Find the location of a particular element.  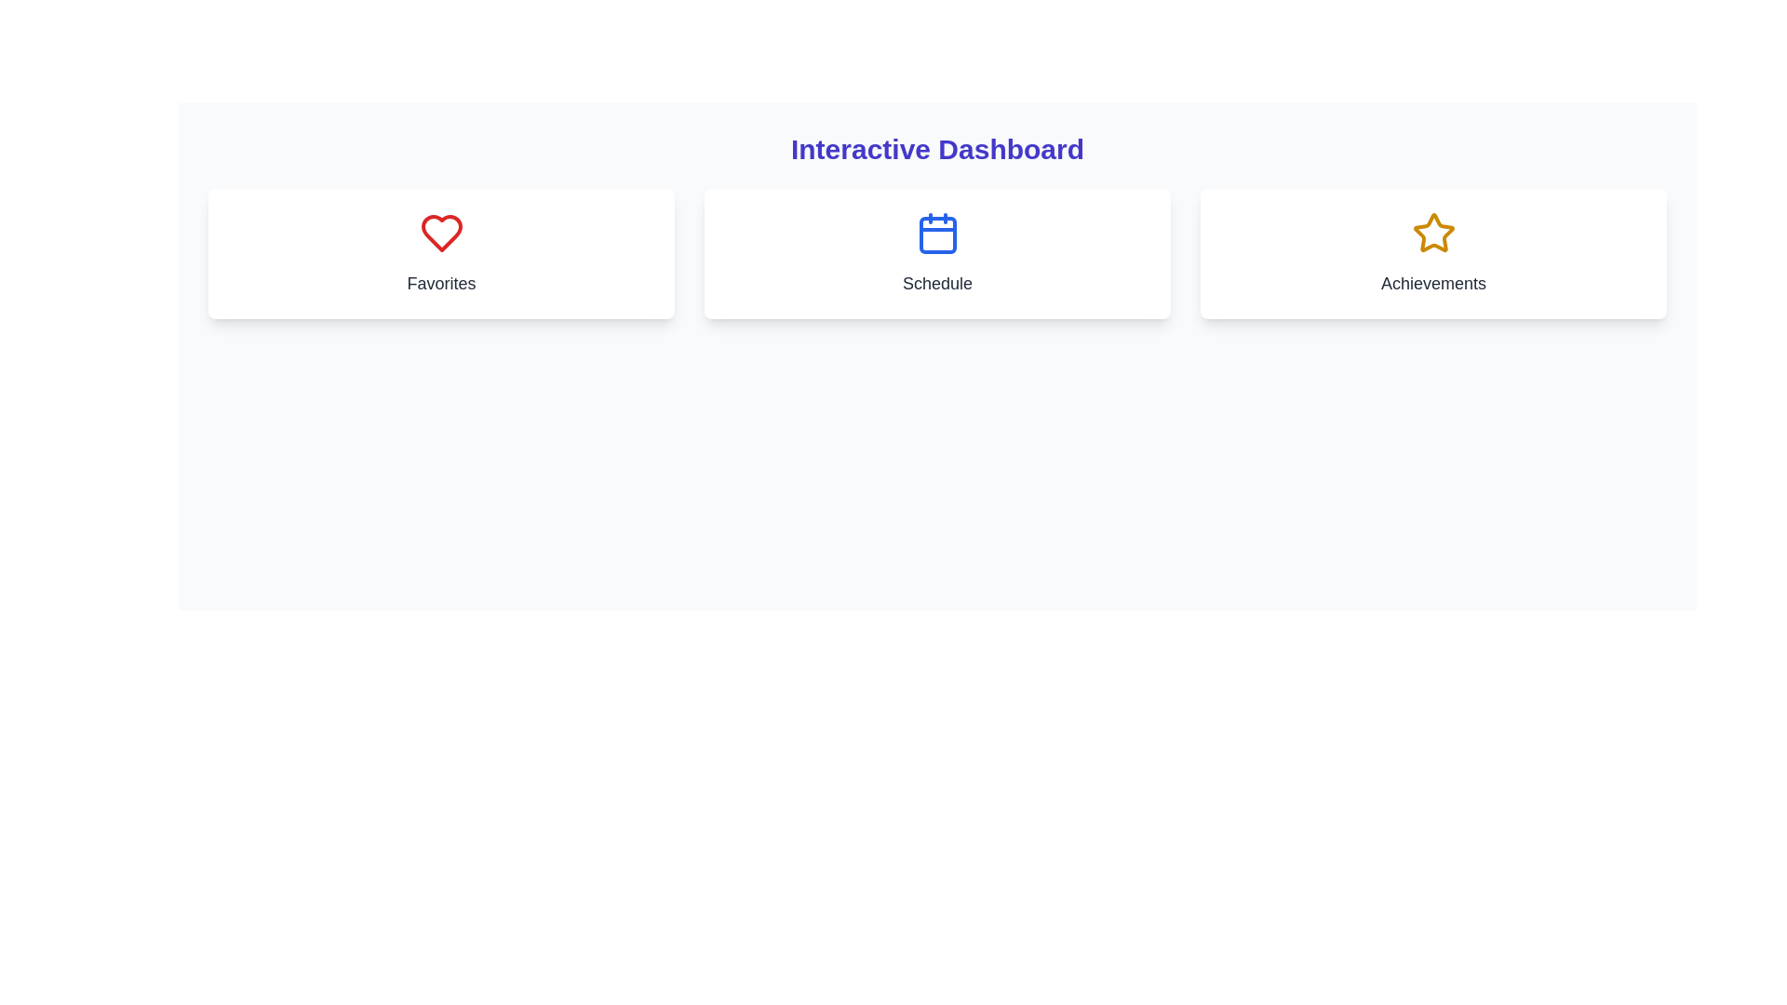

the yellow star-shaped icon representing achievements, located above the 'Achievements' text label is located at coordinates (1432, 232).